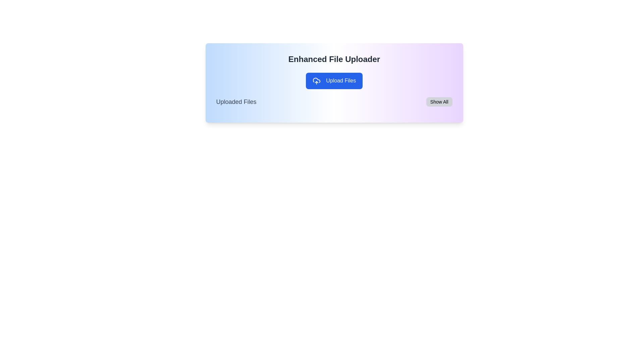 The width and height of the screenshot is (644, 362). I want to click on the 'Uploaded Files' text label, which is styled in gray and located in the bottom-left corner of the interface within a blue section, so click(236, 102).